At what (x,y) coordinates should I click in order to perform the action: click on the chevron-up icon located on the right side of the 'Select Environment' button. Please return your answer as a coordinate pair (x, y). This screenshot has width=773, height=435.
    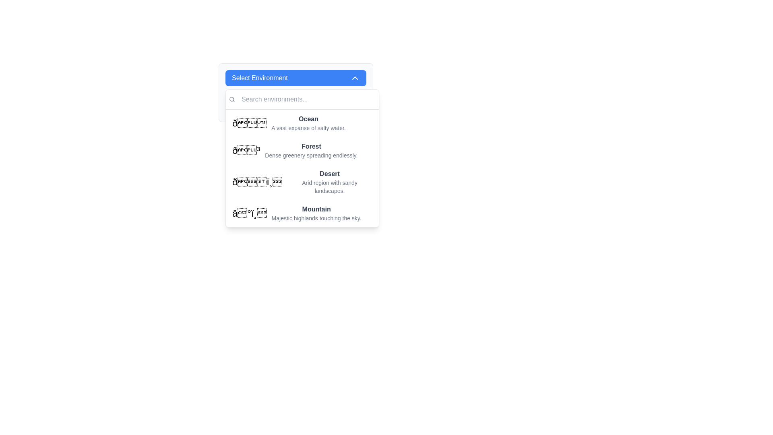
    Looking at the image, I should click on (355, 78).